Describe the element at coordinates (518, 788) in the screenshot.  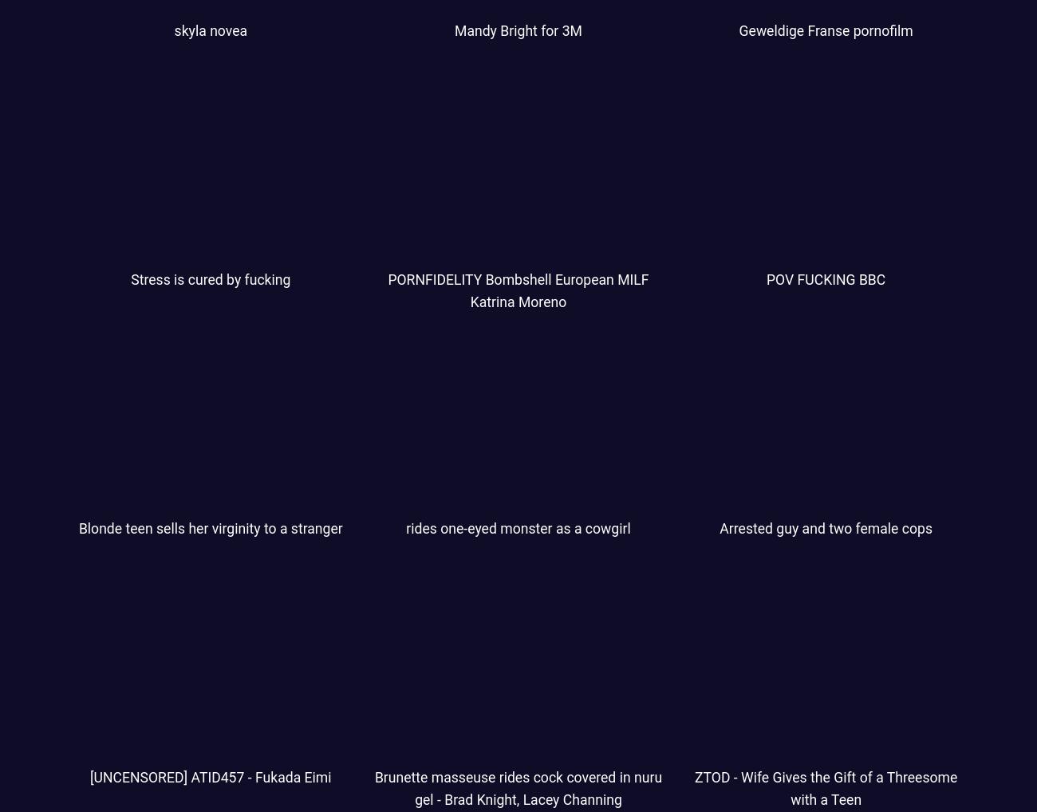
I see `'Brunette masseuse rides cock covered in nuru gel - Brad Knight, Lacey Channing'` at that location.